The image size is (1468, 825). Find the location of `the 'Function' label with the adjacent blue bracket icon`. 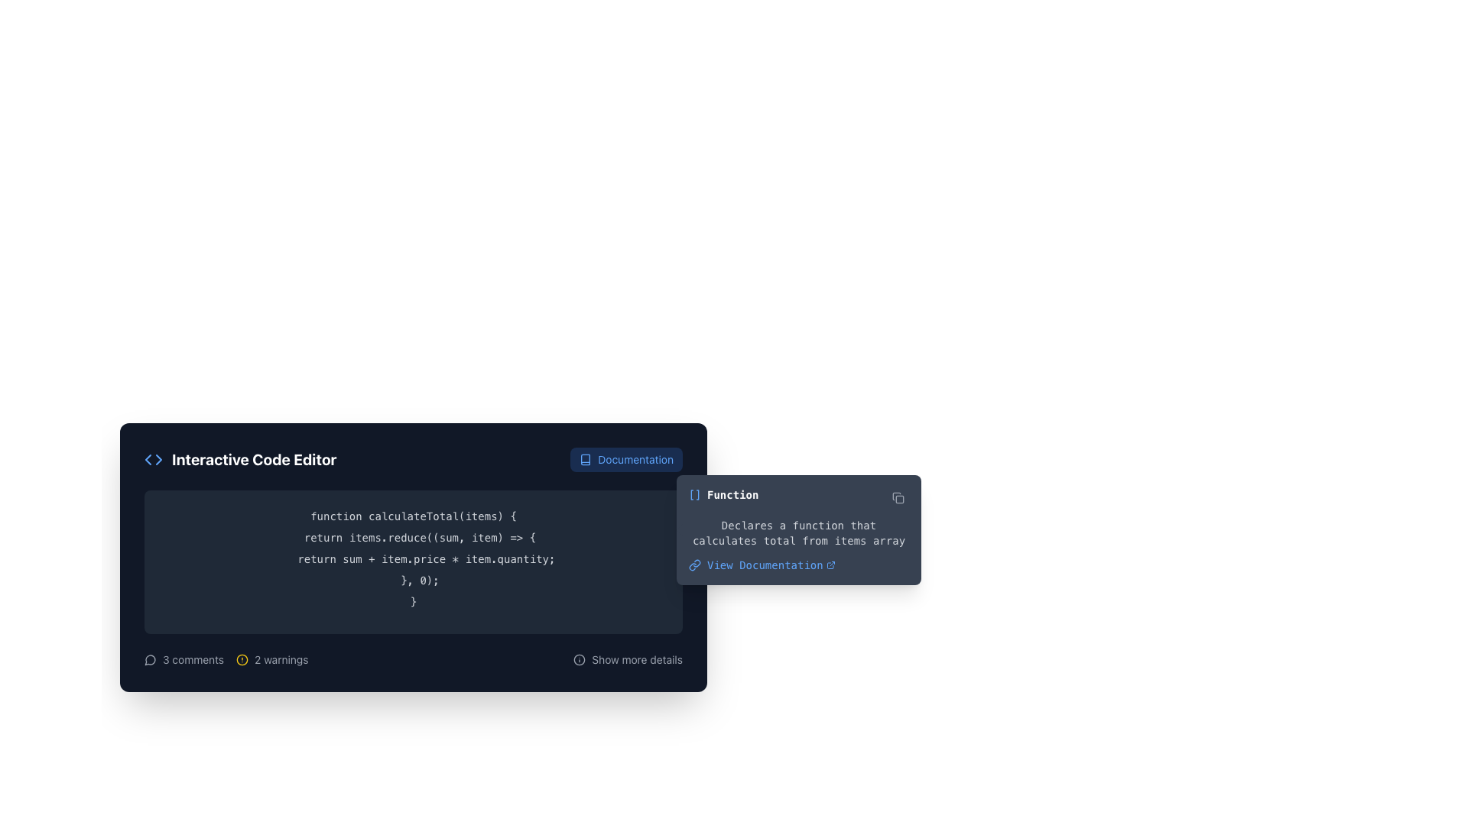

the 'Function' label with the adjacent blue bracket icon is located at coordinates (723, 495).